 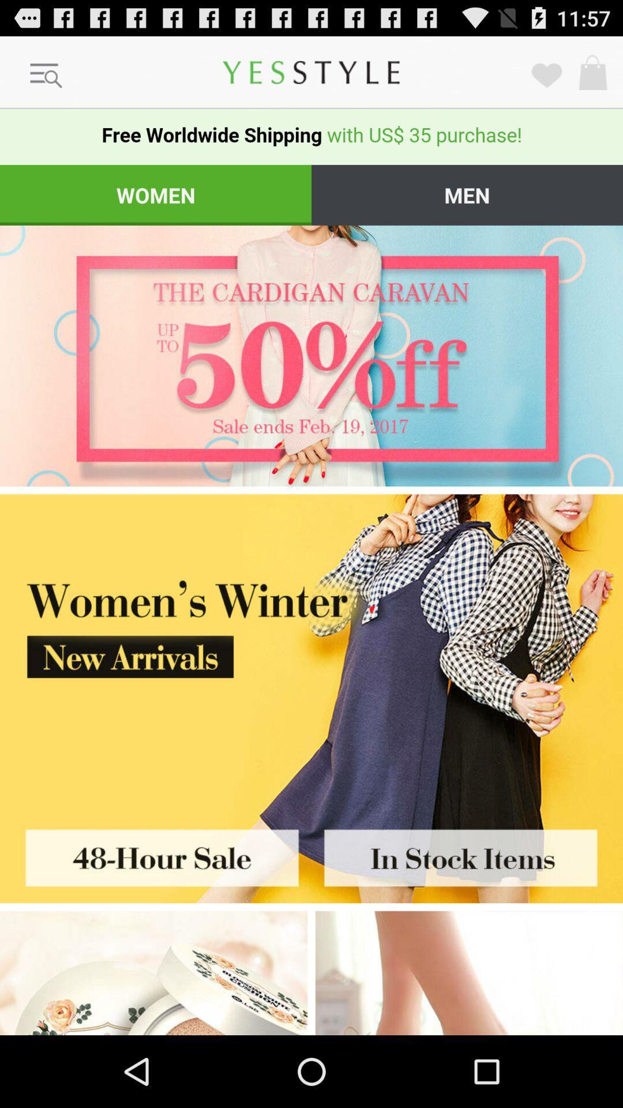 What do you see at coordinates (153, 972) in the screenshot?
I see `adventisment page` at bounding box center [153, 972].